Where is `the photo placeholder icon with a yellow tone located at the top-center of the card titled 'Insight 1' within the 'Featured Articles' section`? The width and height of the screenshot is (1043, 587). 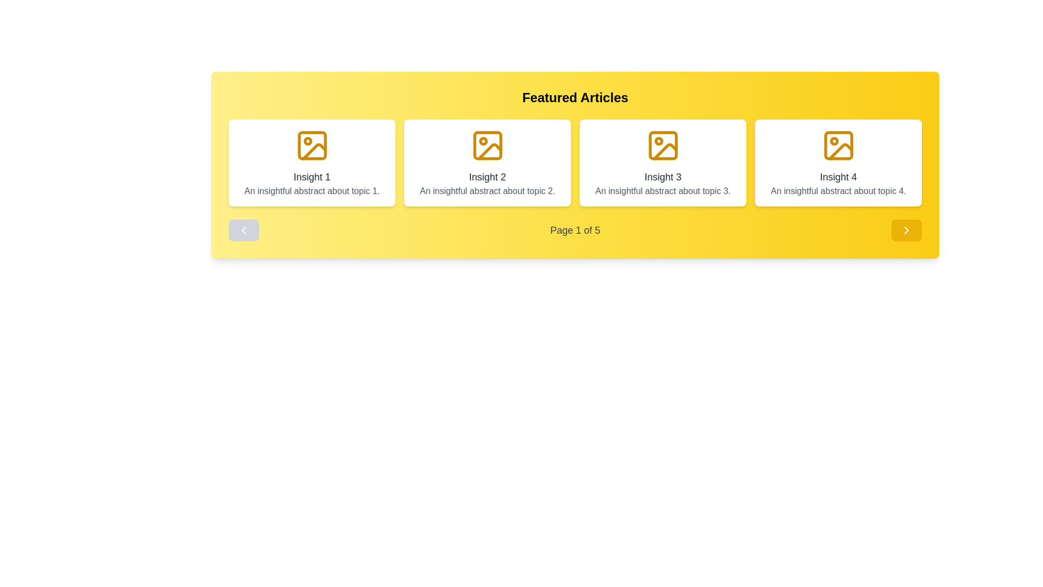 the photo placeholder icon with a yellow tone located at the top-center of the card titled 'Insight 1' within the 'Featured Articles' section is located at coordinates (311, 145).